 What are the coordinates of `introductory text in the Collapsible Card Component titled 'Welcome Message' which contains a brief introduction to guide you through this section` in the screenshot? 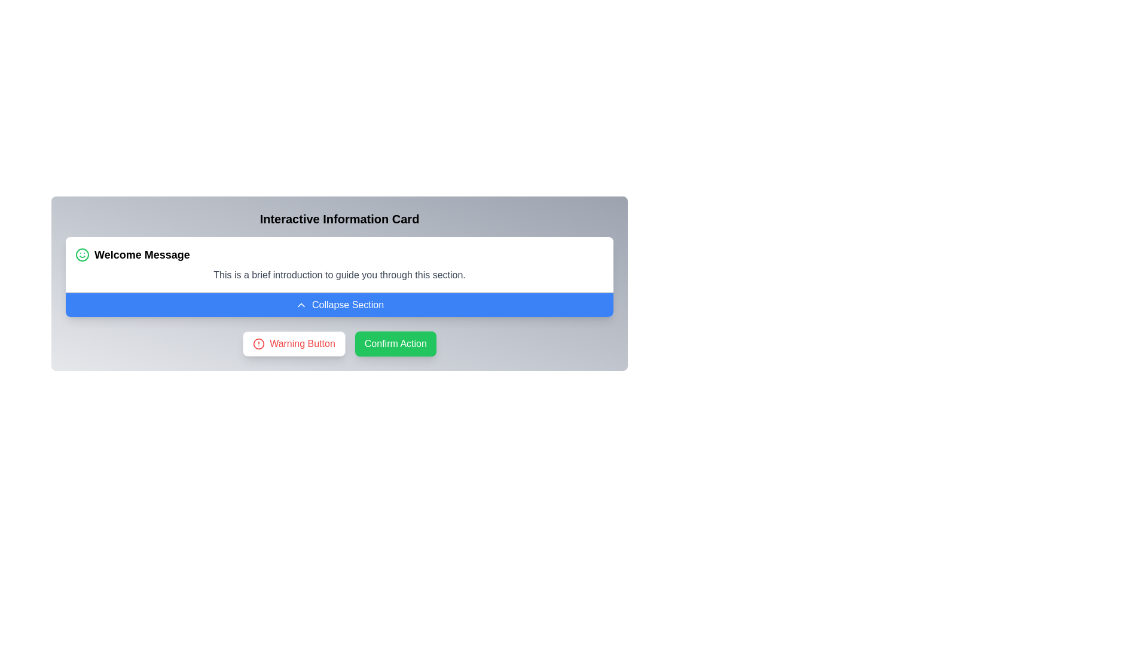 It's located at (338, 277).